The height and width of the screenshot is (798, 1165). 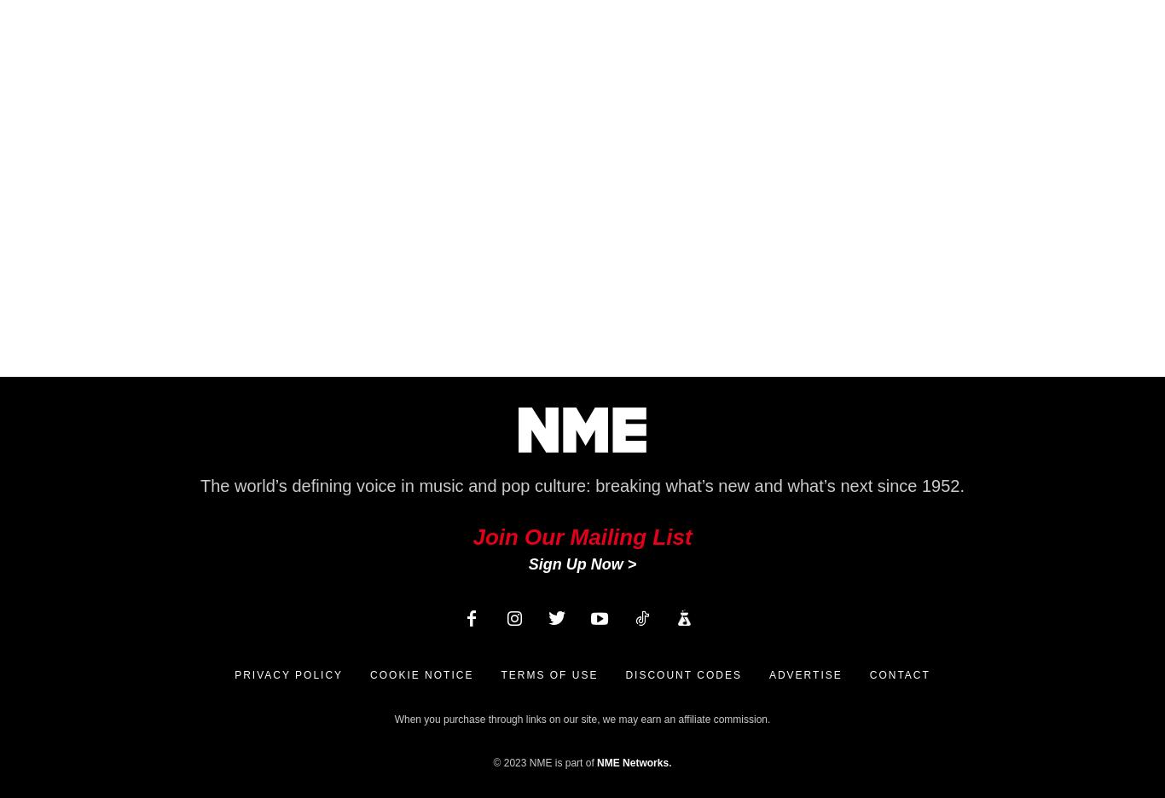 What do you see at coordinates (682, 674) in the screenshot?
I see `'Discount Codes'` at bounding box center [682, 674].